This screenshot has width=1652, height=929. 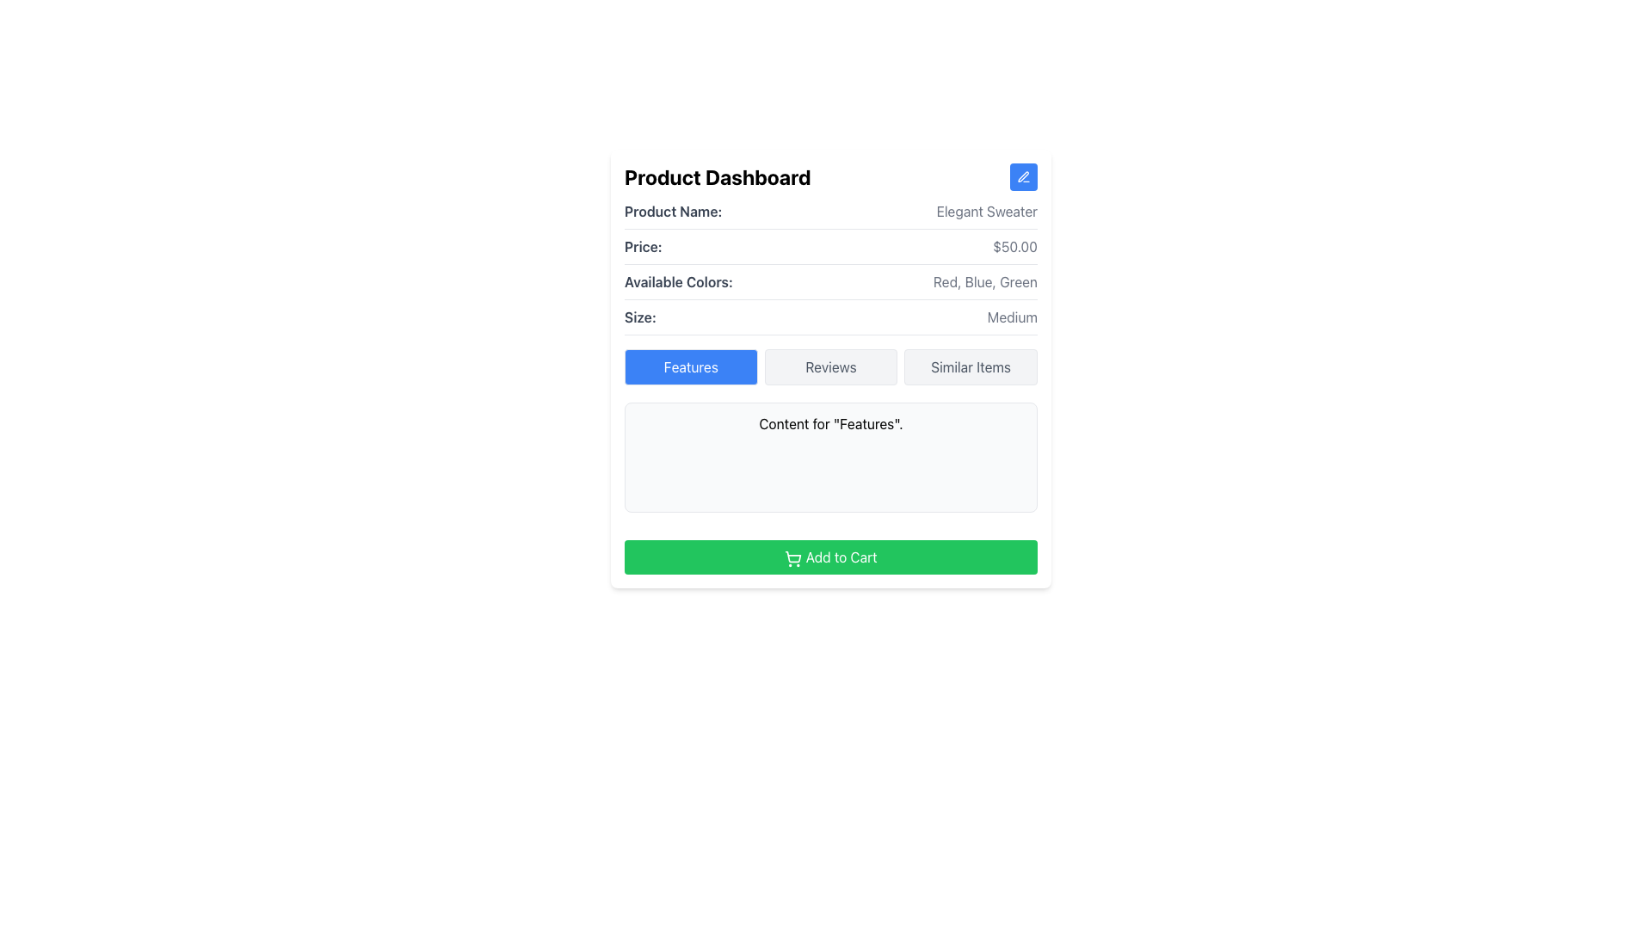 I want to click on the Text label displaying the selected size of a product, which is located to the right of the 'Size:' label in the product information card, so click(x=1012, y=317).